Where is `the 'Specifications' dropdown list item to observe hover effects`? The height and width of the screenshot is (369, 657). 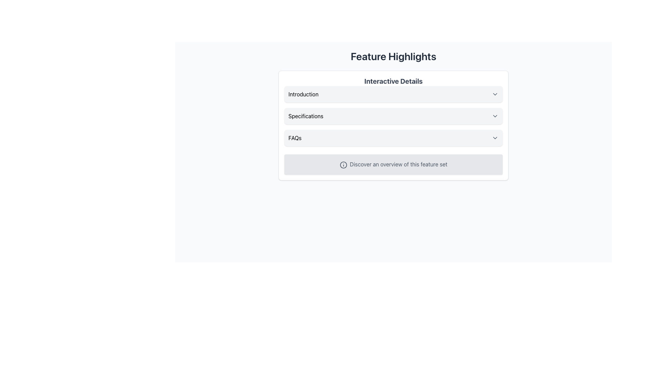
the 'Specifications' dropdown list item to observe hover effects is located at coordinates (394, 115).